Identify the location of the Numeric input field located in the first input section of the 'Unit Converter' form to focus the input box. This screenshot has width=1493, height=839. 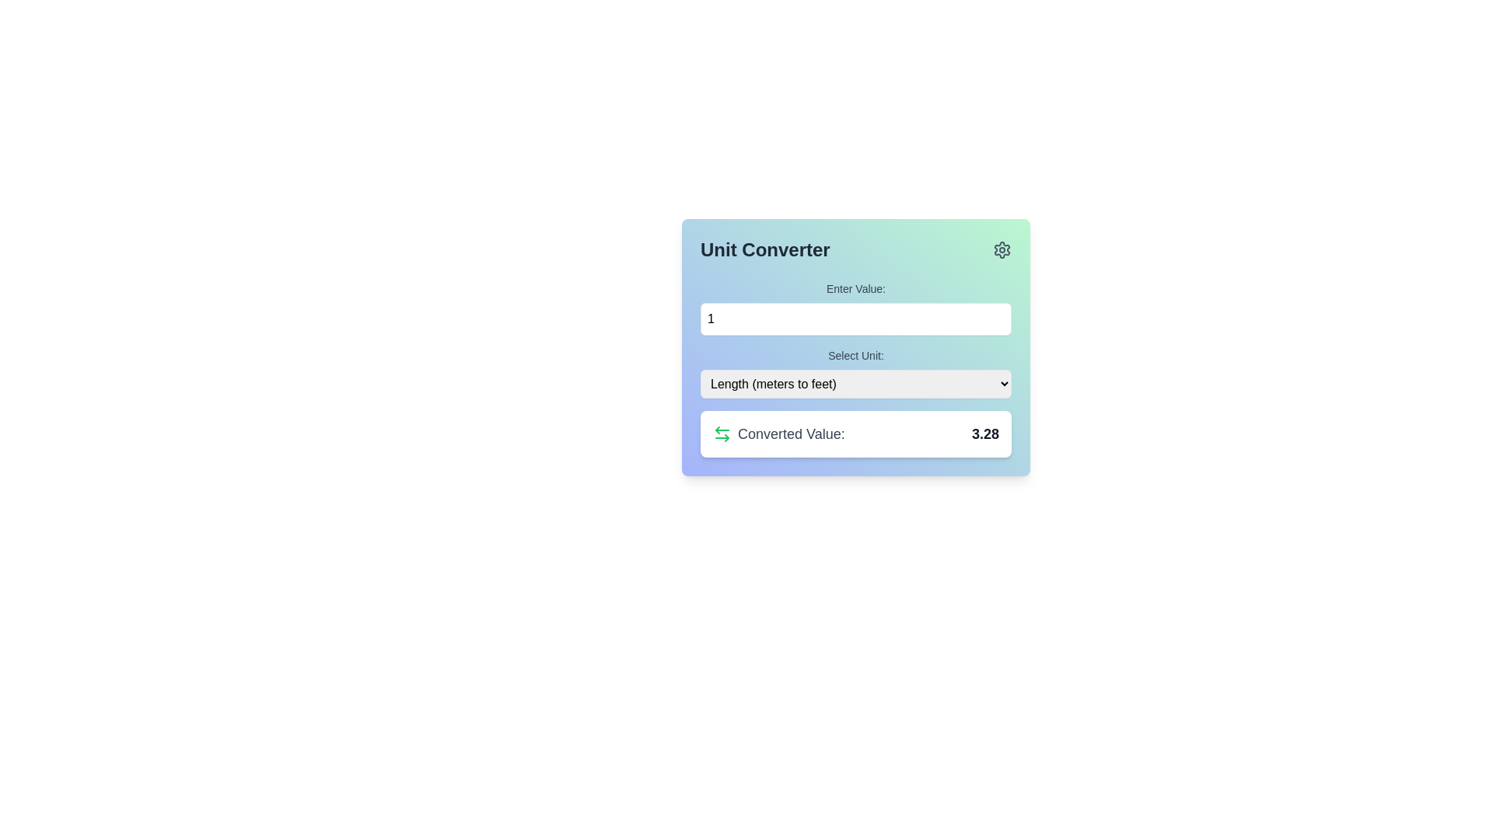
(855, 308).